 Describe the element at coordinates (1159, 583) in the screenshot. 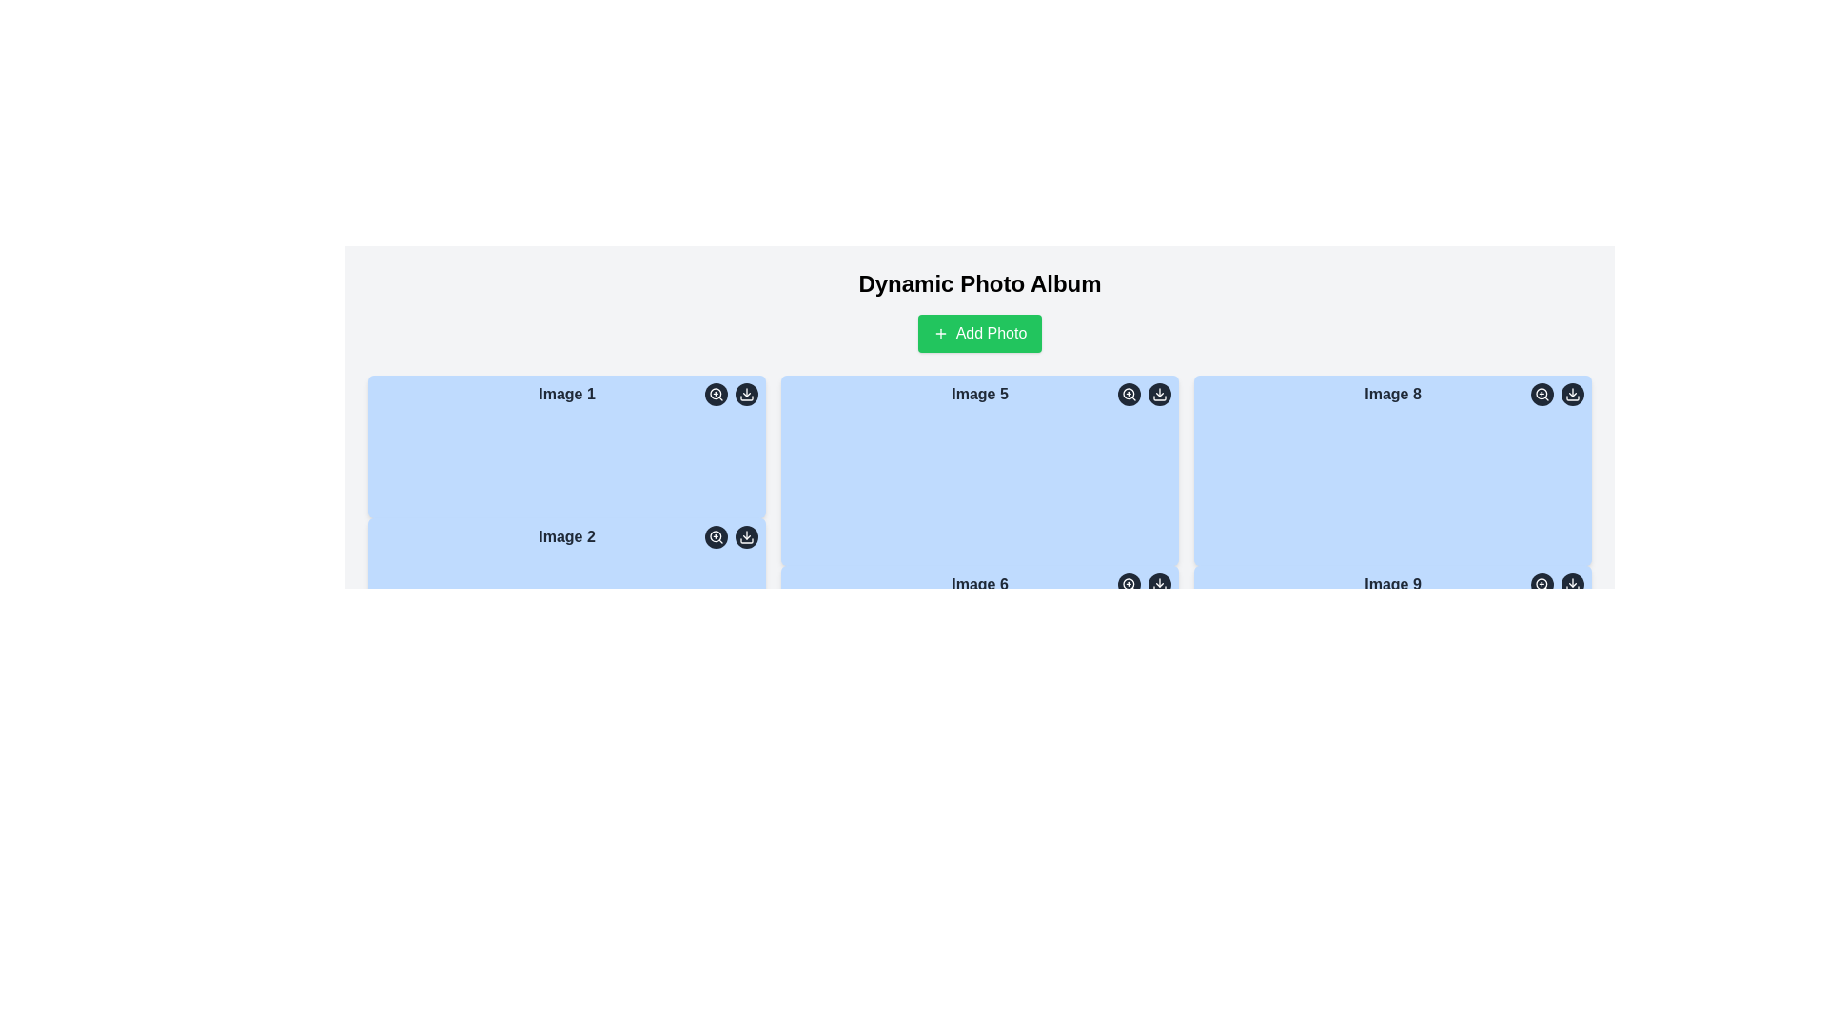

I see `the download button located in the top-right corner of the blue card labeled 'Image 6'` at that location.